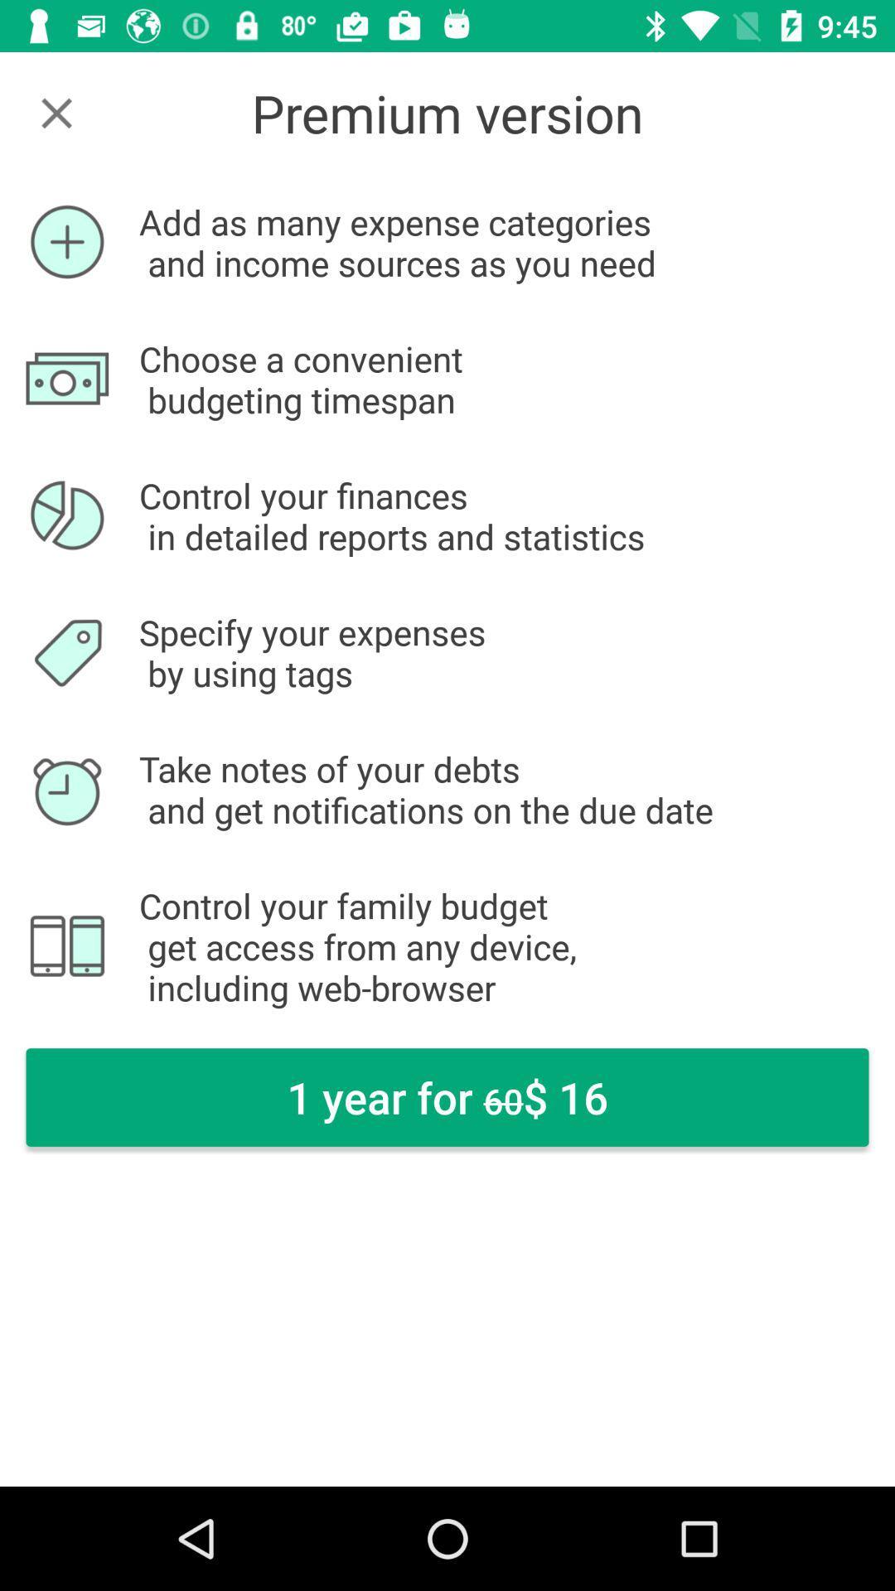 The width and height of the screenshot is (895, 1591). What do you see at coordinates (447, 1097) in the screenshot?
I see `the item below control your family item` at bounding box center [447, 1097].